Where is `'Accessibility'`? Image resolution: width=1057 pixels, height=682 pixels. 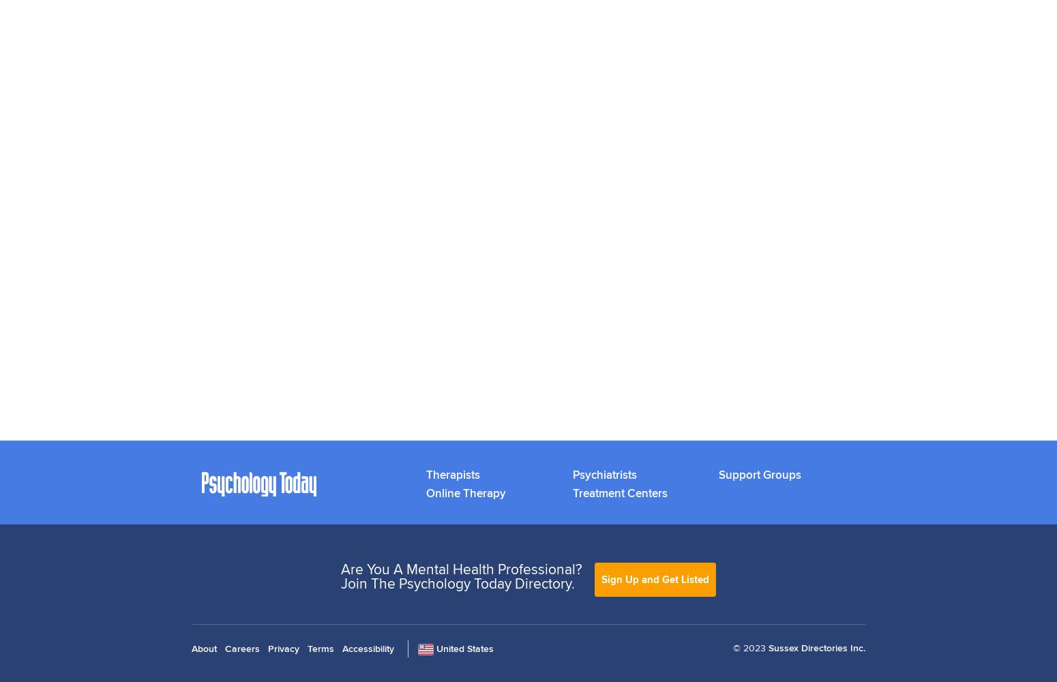 'Accessibility' is located at coordinates (342, 647).